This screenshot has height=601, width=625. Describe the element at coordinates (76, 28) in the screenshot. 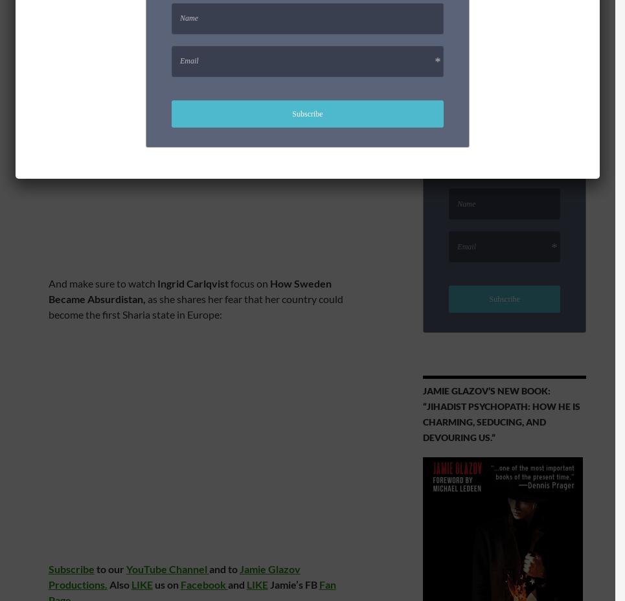

I see `'Don’t miss it!'` at that location.